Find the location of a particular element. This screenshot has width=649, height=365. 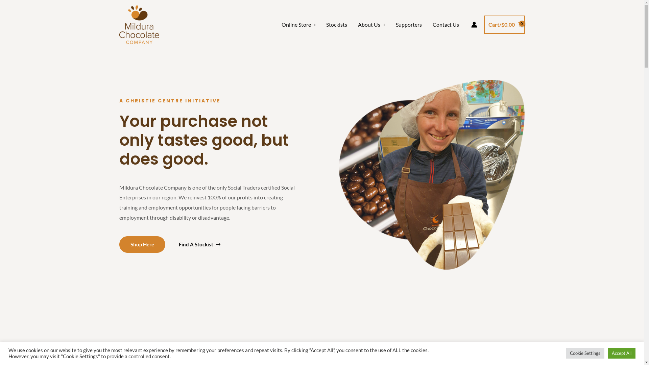

'Cookie Settings' is located at coordinates (585, 353).